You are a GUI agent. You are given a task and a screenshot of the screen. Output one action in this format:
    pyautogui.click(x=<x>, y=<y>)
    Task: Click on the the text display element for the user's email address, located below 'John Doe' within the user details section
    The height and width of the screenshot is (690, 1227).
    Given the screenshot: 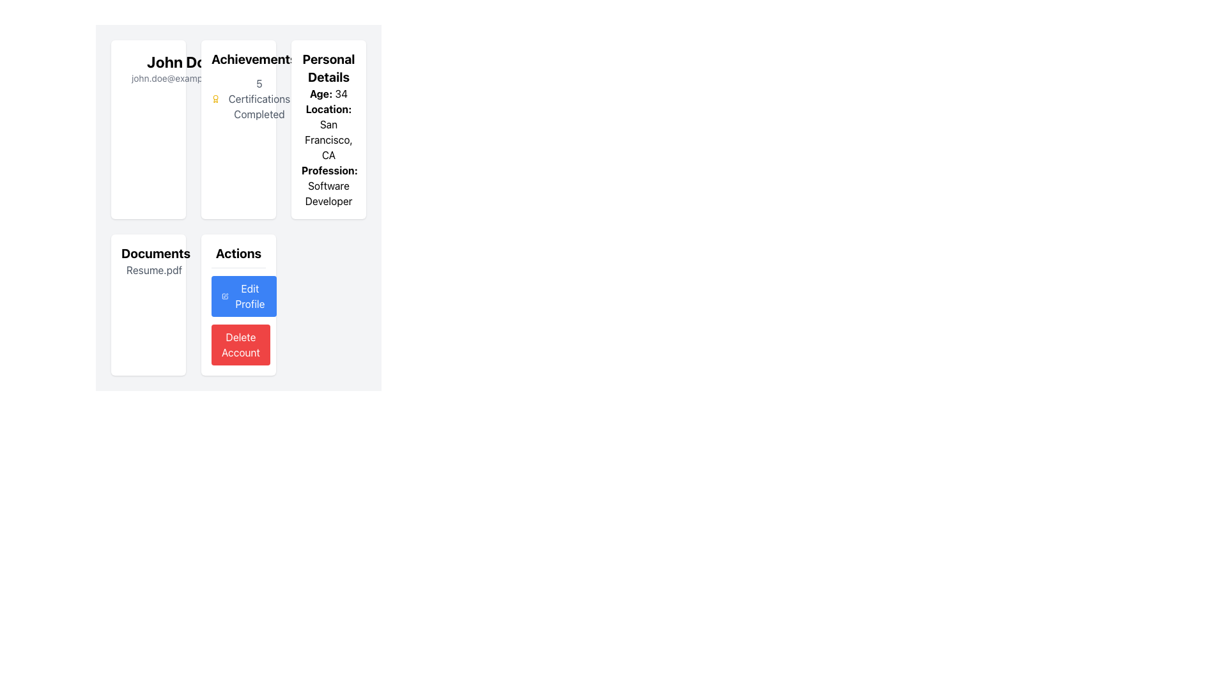 What is the action you would take?
    pyautogui.click(x=180, y=79)
    